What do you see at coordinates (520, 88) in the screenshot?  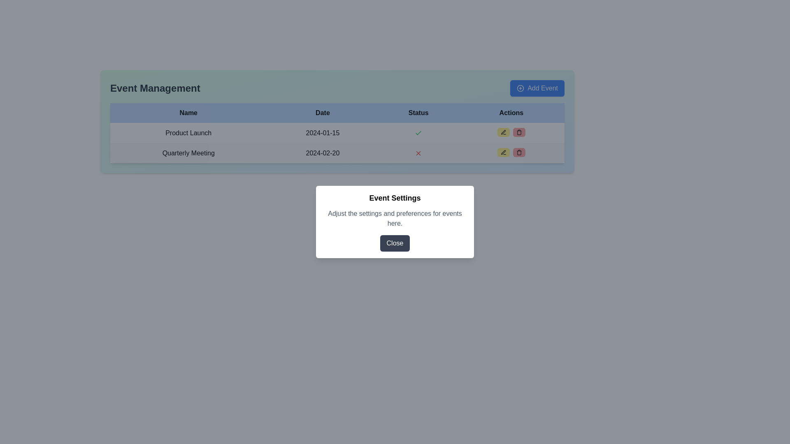 I see `the circular icon within the 'Add Event' button located in the top-right corner of the event management section` at bounding box center [520, 88].